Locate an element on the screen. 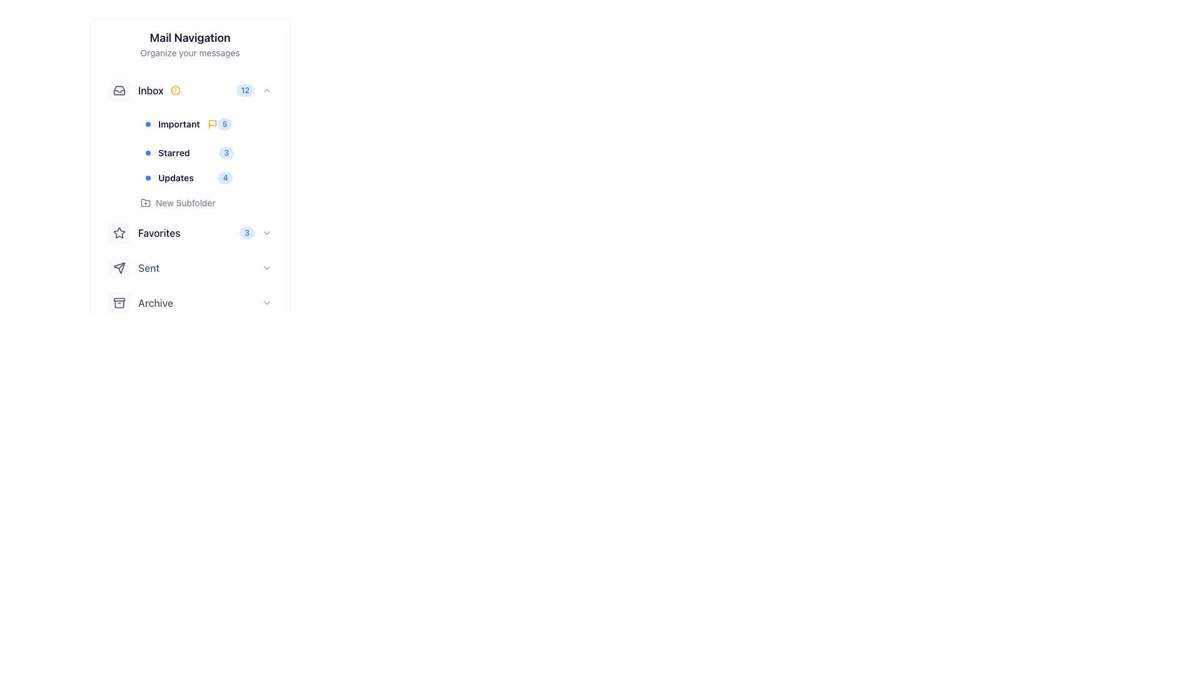 This screenshot has width=1201, height=675. number displayed on the Notification badge located in the navigation pane under the 'Inbox' label, positioned to the right of the Inbox text and icon is located at coordinates (245, 90).